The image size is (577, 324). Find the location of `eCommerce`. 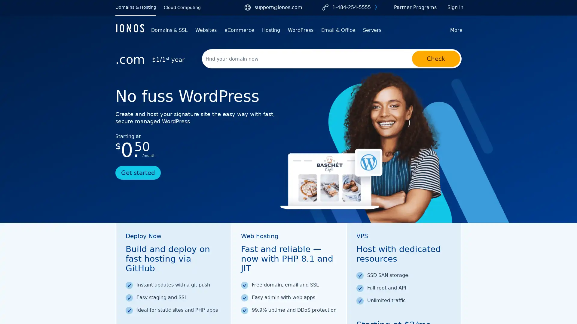

eCommerce is located at coordinates (239, 30).